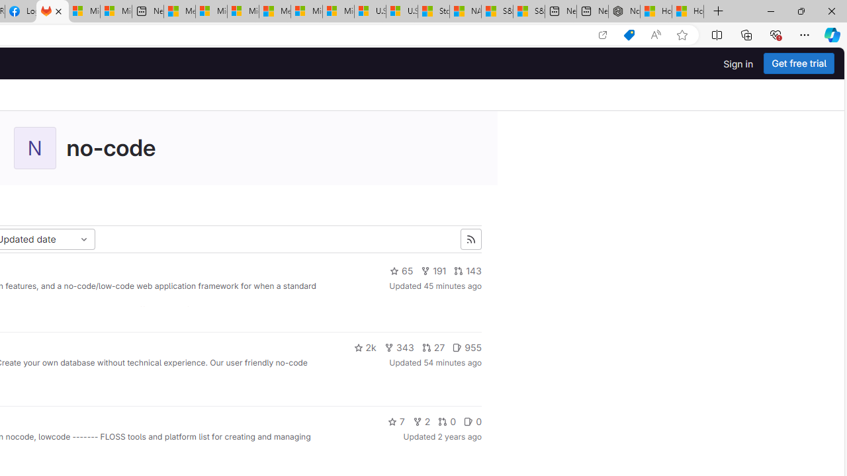  Describe the element at coordinates (433, 270) in the screenshot. I see `'191'` at that location.